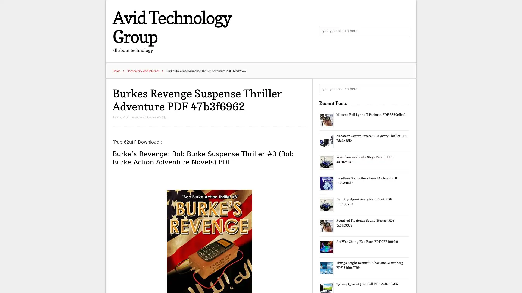 Image resolution: width=522 pixels, height=293 pixels. Describe the element at coordinates (404, 31) in the screenshot. I see `Search` at that location.